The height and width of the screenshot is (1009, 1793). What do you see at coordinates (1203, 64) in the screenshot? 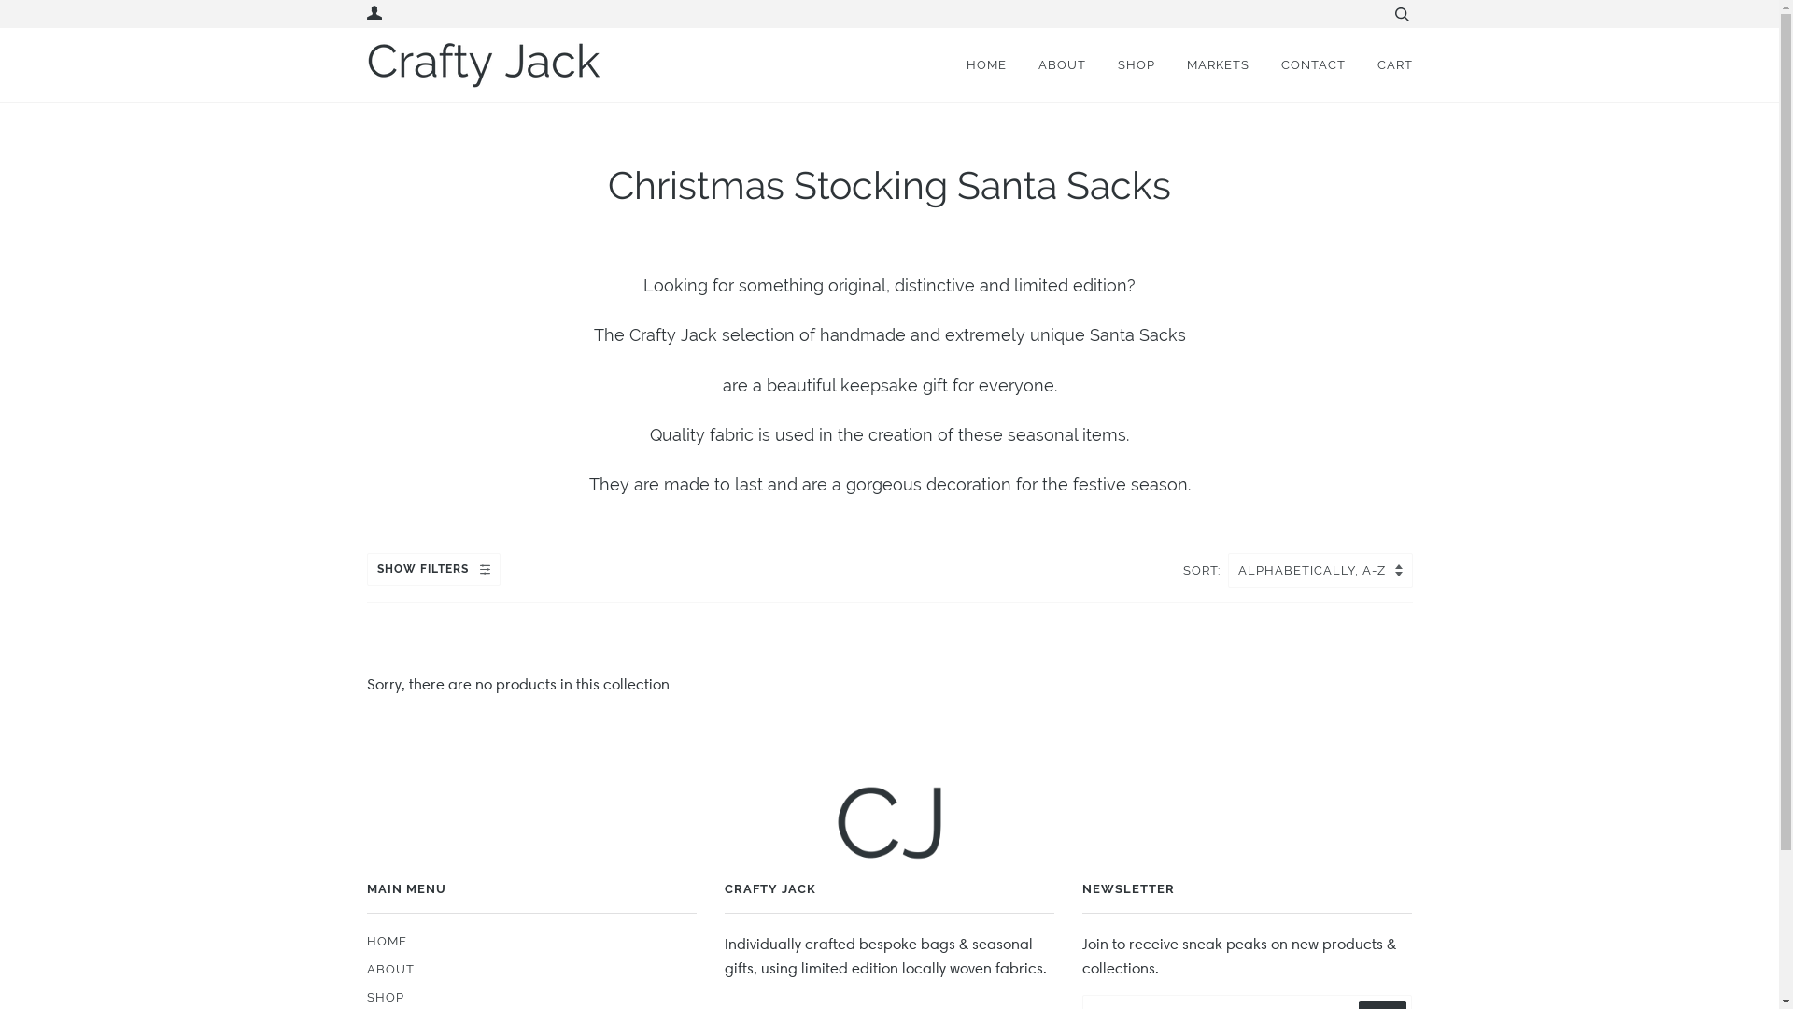
I see `'MARKETS'` at bounding box center [1203, 64].